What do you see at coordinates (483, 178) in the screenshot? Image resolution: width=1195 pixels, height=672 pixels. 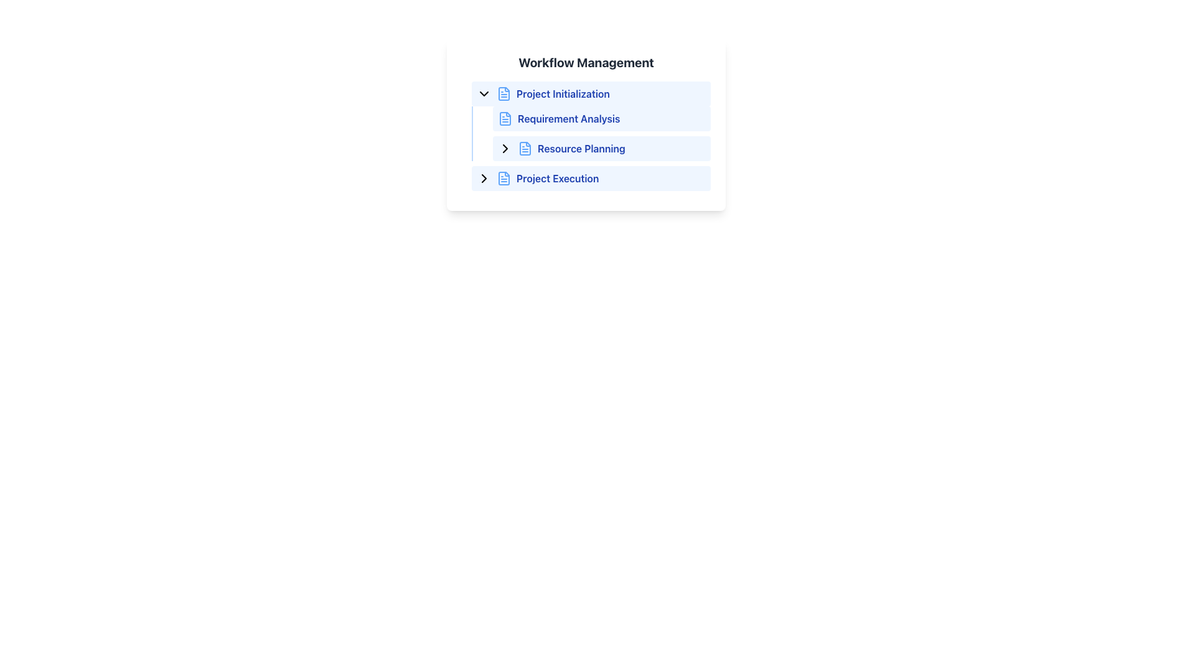 I see `the rightward-pointing chevron icon with a black stroke color located within the 'Project Execution' list item` at bounding box center [483, 178].